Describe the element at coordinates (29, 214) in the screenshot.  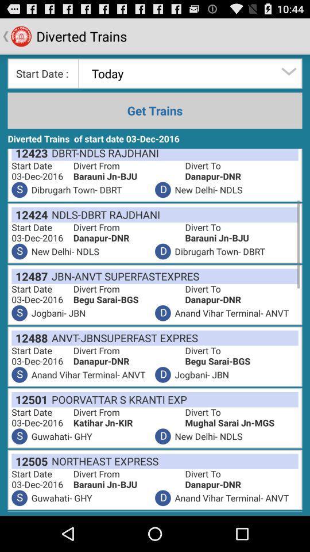
I see `12424 item` at that location.